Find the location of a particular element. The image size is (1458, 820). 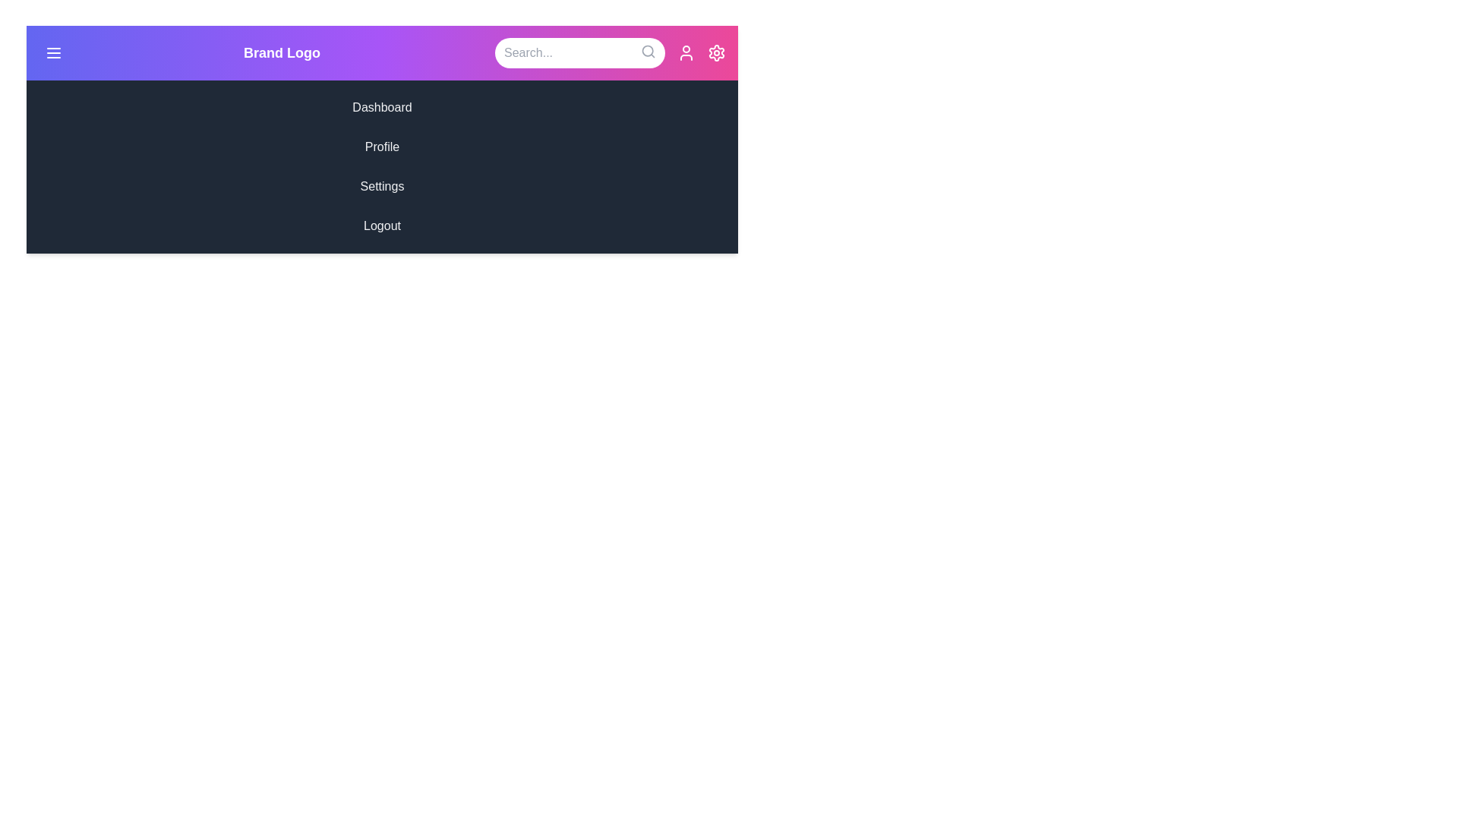

the menu item Logout in the sidebar is located at coordinates (382, 225).